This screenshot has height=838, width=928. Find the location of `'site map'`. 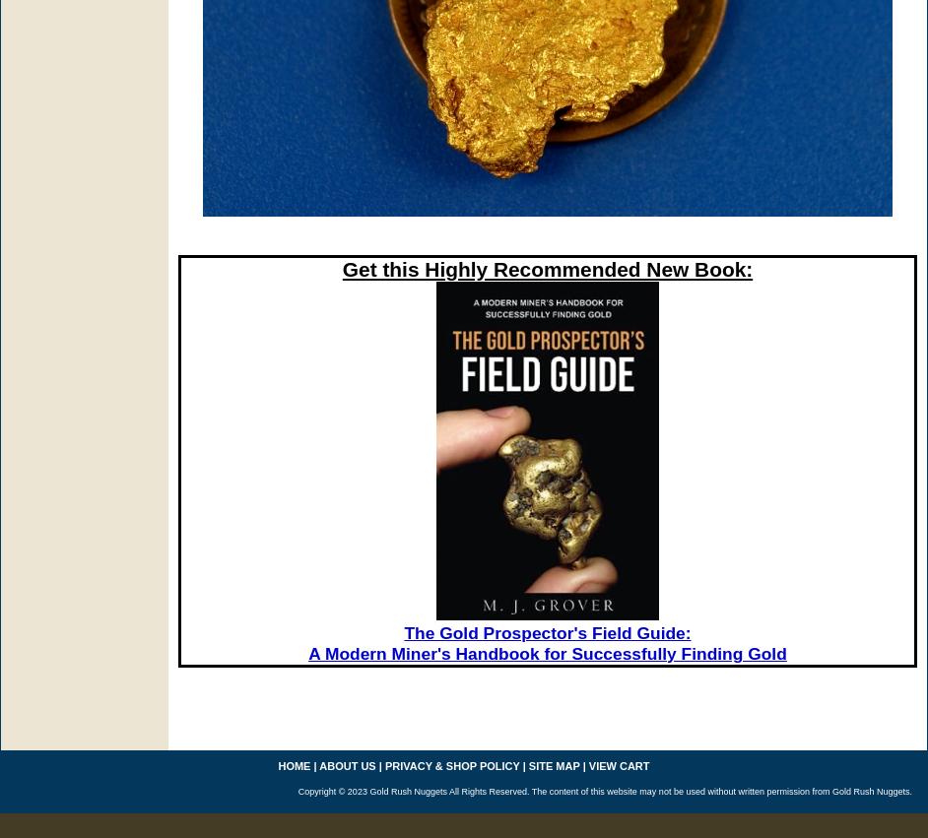

'site map' is located at coordinates (526, 764).